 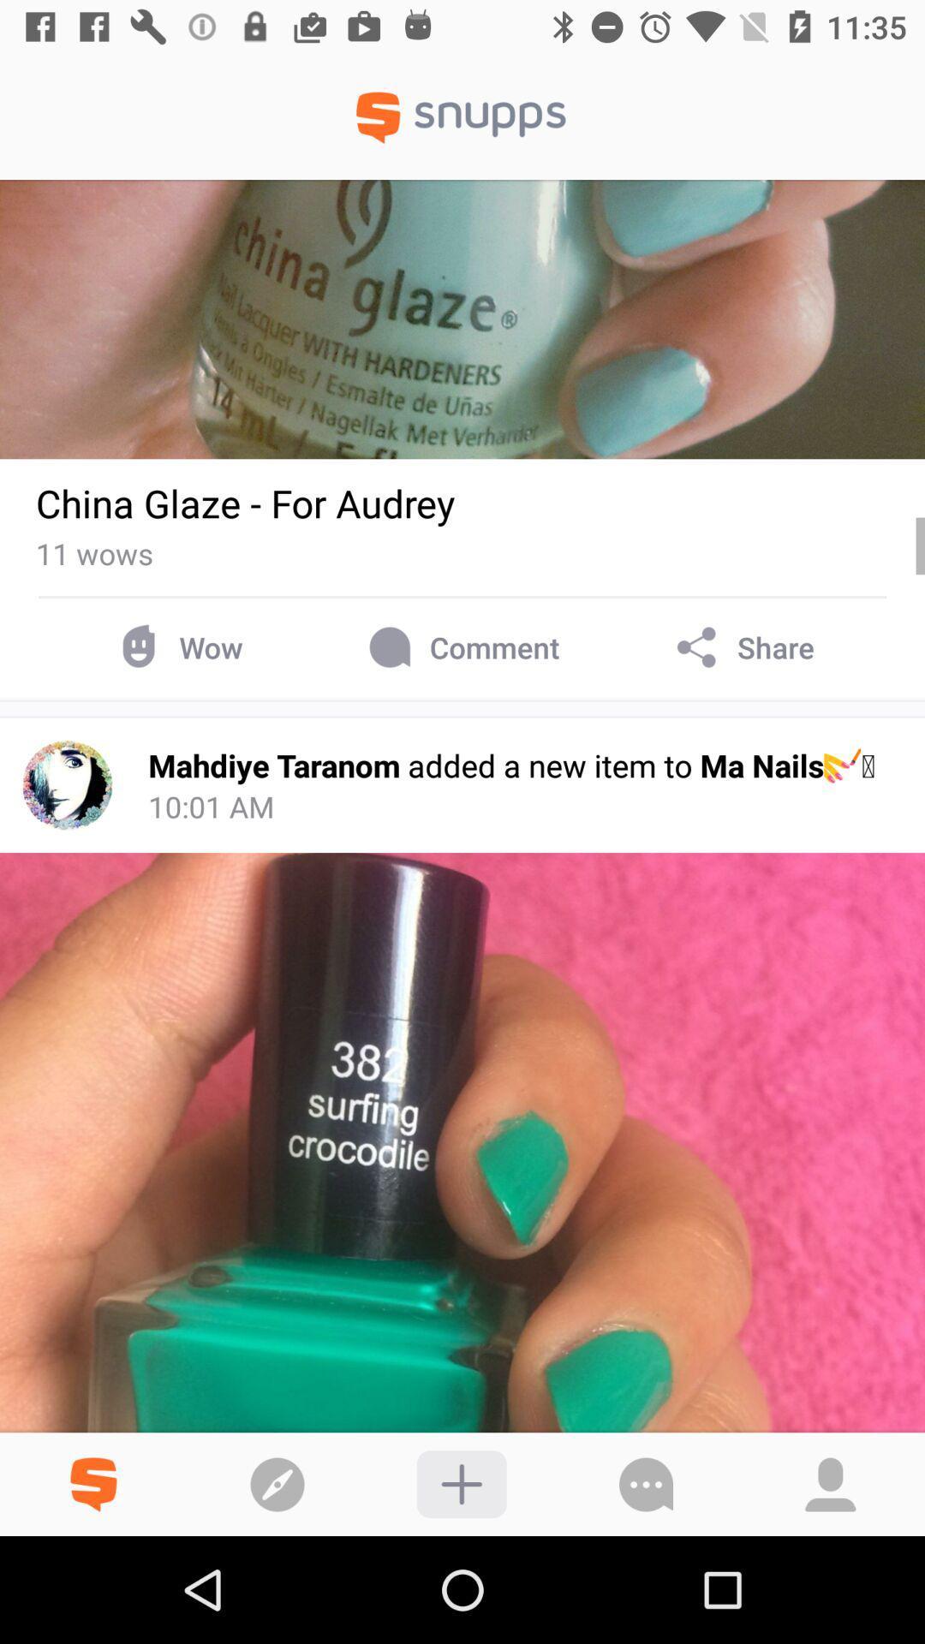 What do you see at coordinates (461, 1483) in the screenshot?
I see `the icon which is second left of the profile button` at bounding box center [461, 1483].